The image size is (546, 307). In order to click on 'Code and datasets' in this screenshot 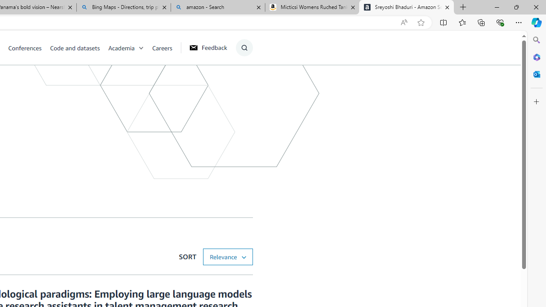, I will do `click(78, 47)`.